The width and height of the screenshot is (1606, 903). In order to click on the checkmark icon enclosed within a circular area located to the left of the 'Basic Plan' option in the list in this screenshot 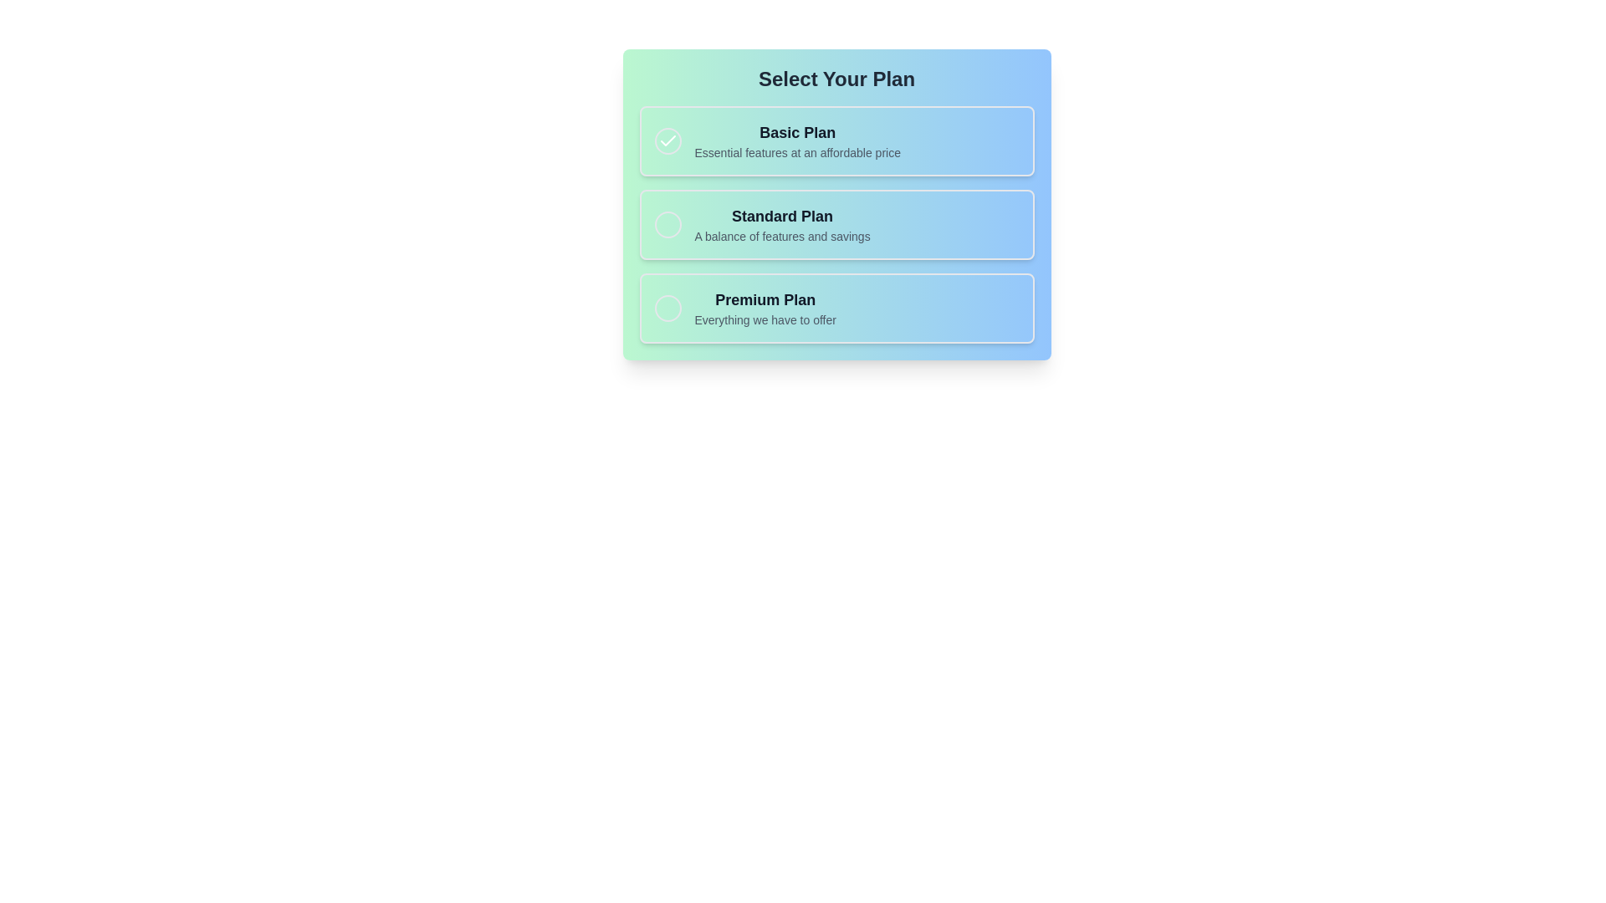, I will do `click(667, 140)`.